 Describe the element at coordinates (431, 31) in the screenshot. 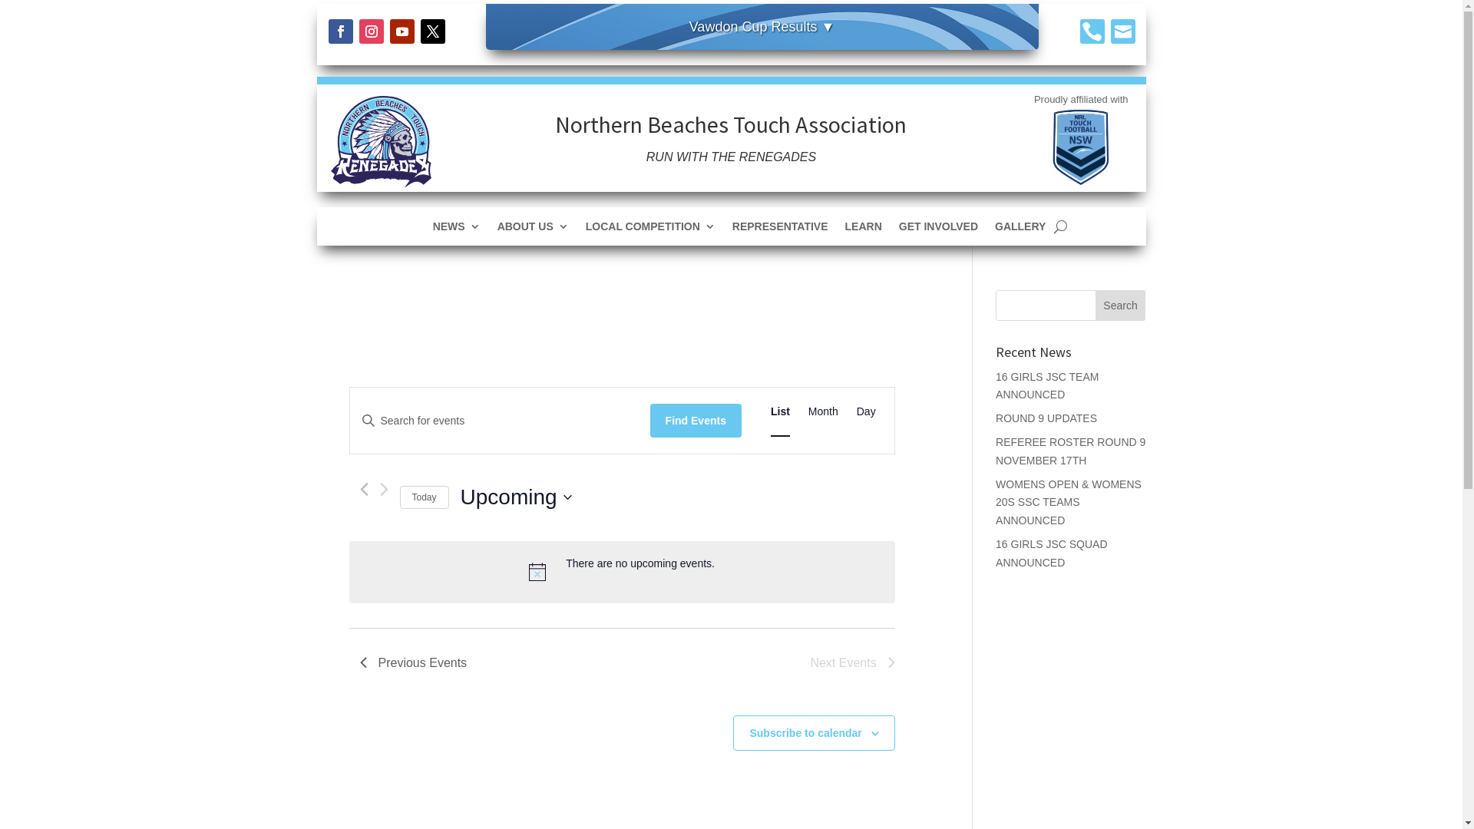

I see `'Follow on X'` at that location.